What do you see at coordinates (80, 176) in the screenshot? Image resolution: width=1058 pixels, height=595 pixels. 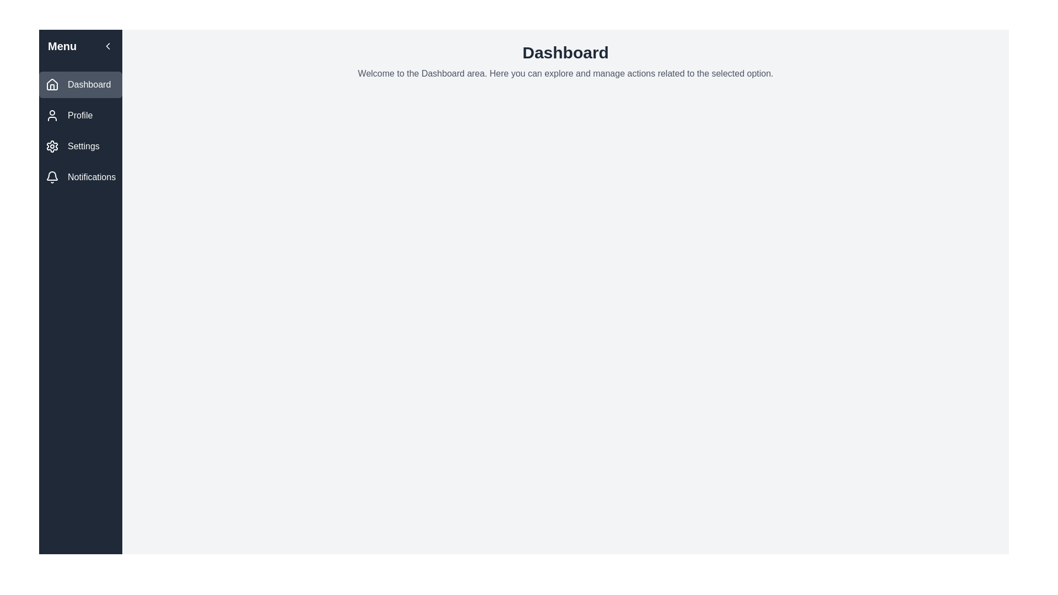 I see `the 'Notifications' menu item, which features a bell icon and a dark background` at bounding box center [80, 176].